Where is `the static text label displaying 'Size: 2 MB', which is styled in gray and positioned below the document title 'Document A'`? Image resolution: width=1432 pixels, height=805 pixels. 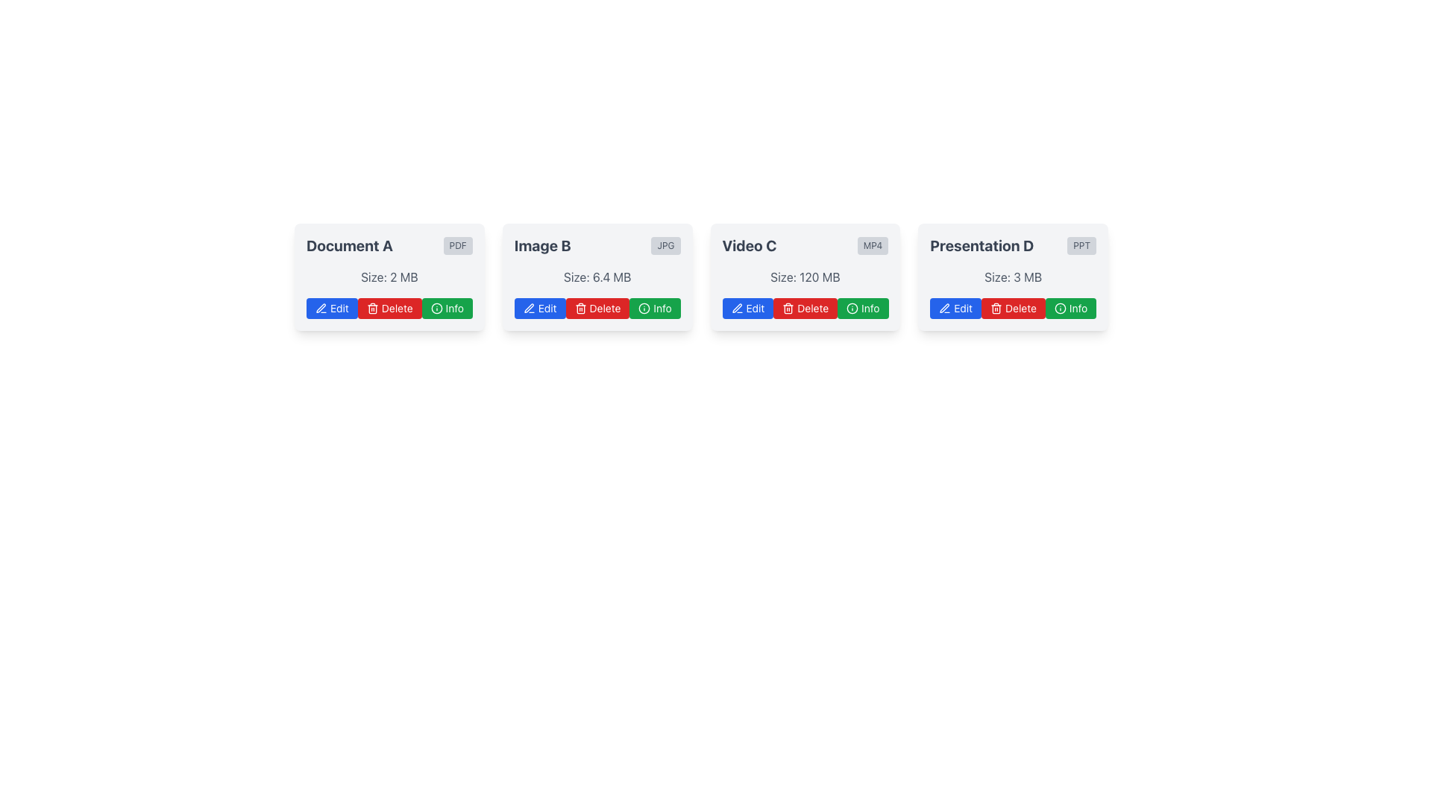
the static text label displaying 'Size: 2 MB', which is styled in gray and positioned below the document title 'Document A' is located at coordinates (389, 277).